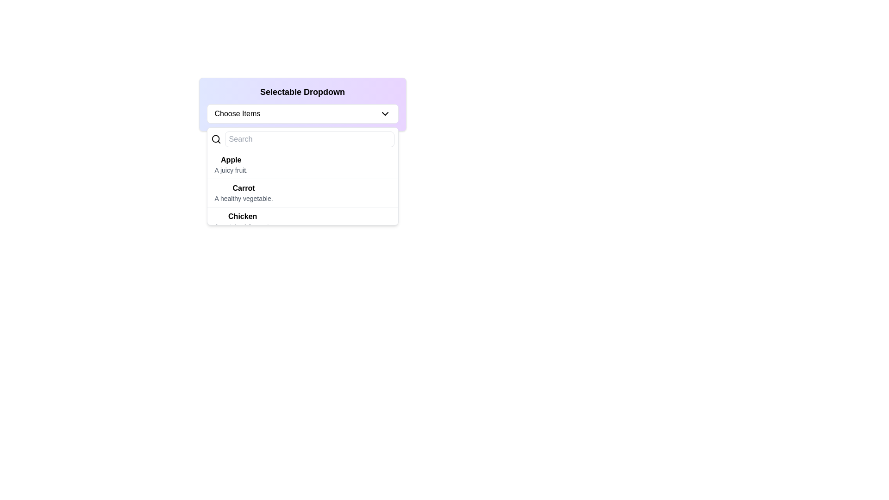  Describe the element at coordinates (243, 221) in the screenshot. I see `the 'Chicken' entry in the dropdown menu, which is the third item following 'Apple' and 'Carrot'` at that location.